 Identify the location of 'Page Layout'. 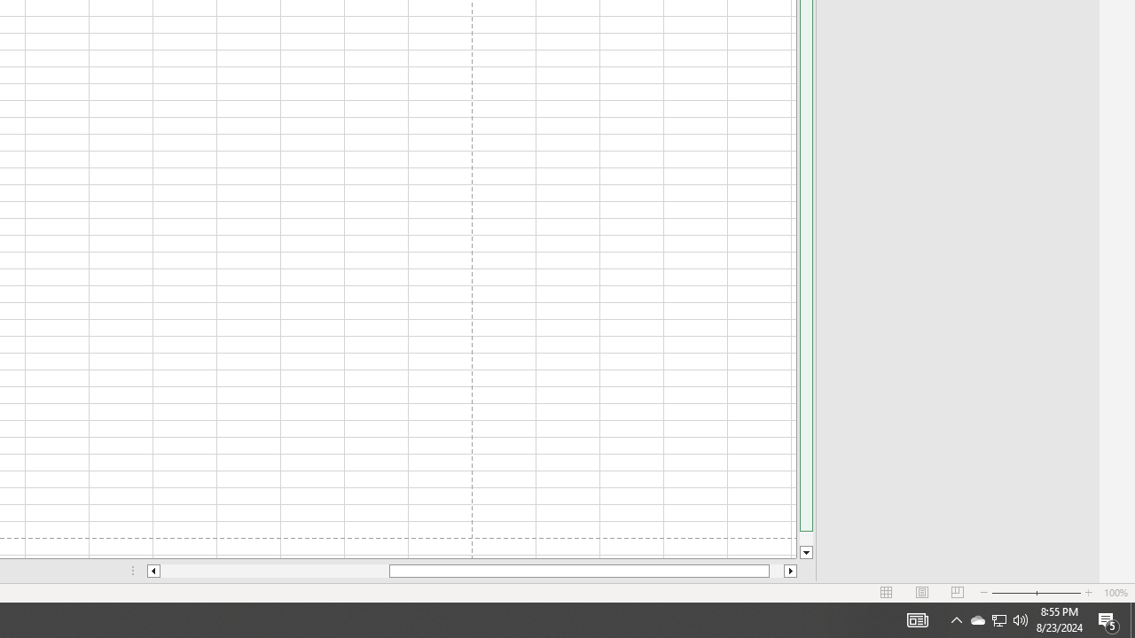
(922, 593).